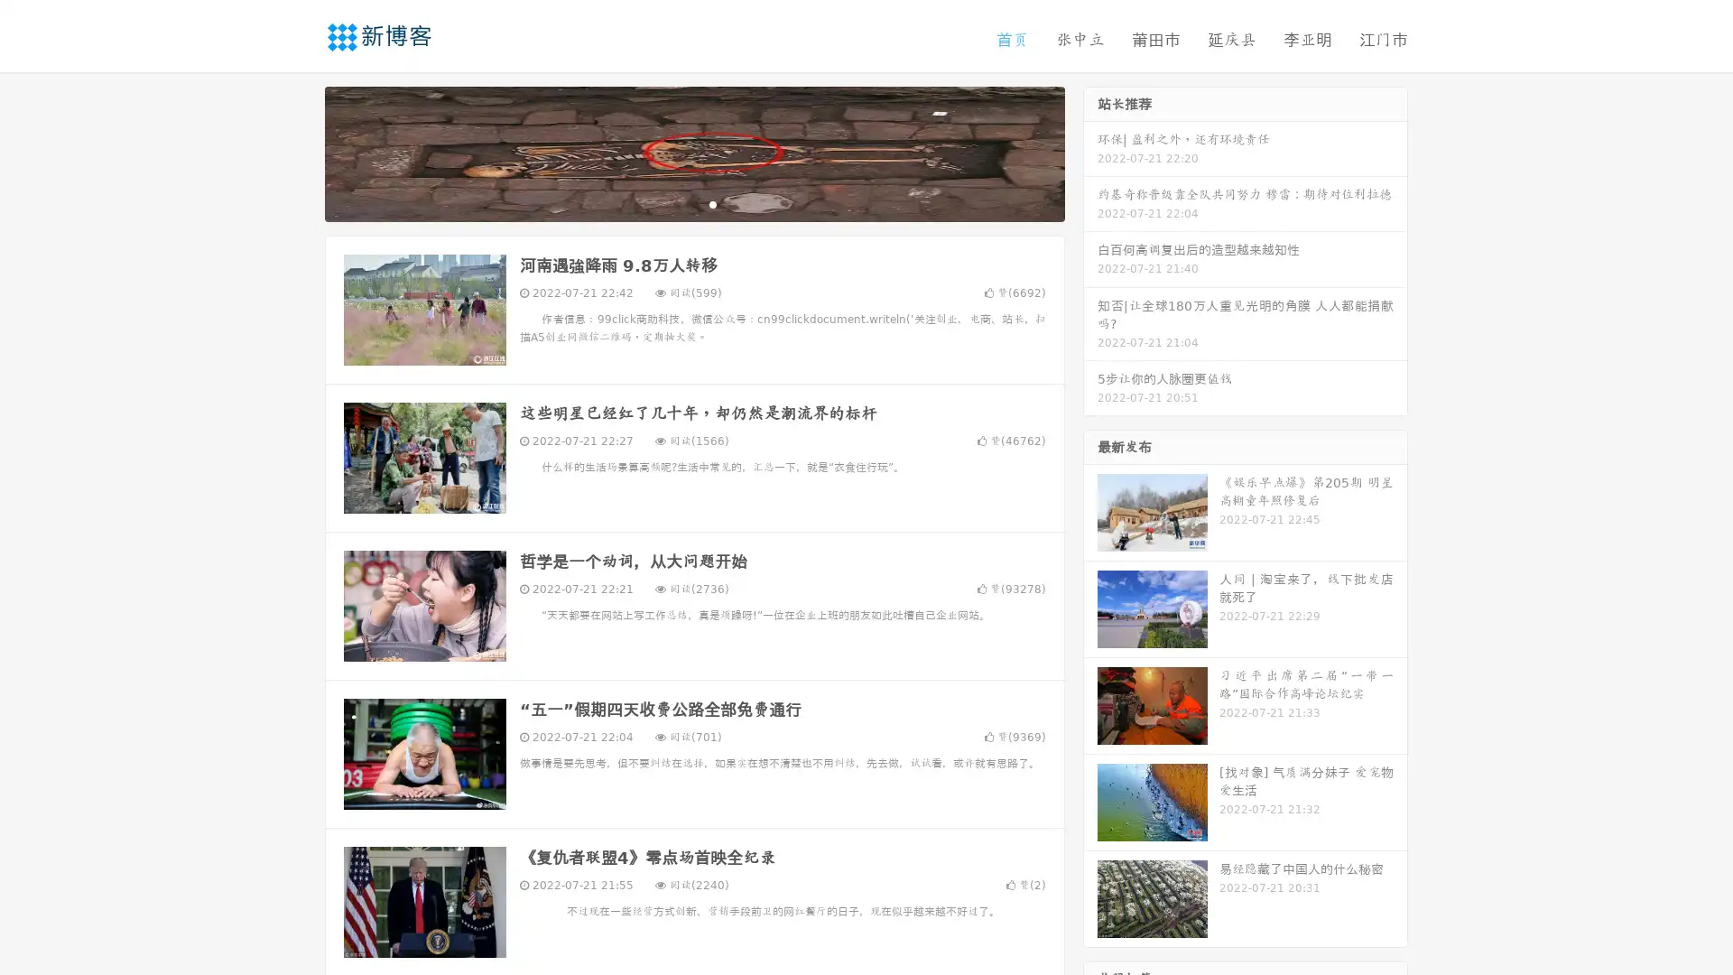 Image resolution: width=1733 pixels, height=975 pixels. Describe the element at coordinates (298, 152) in the screenshot. I see `Previous slide` at that location.